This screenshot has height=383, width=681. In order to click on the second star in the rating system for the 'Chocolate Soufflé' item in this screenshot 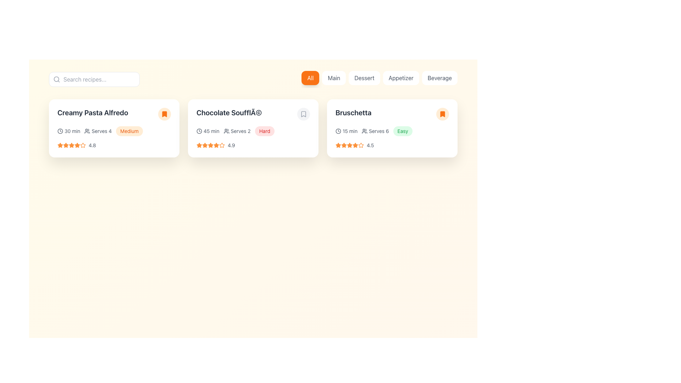, I will do `click(204, 145)`.